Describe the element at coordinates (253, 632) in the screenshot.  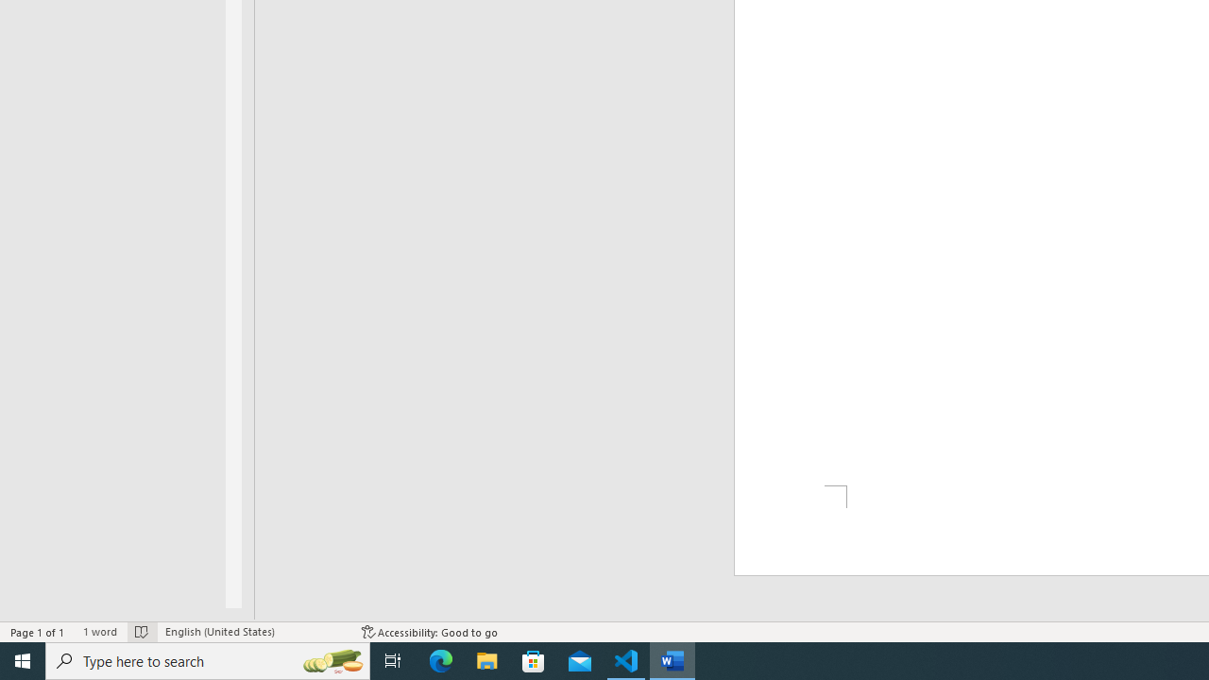
I see `'Language English (United States)'` at that location.